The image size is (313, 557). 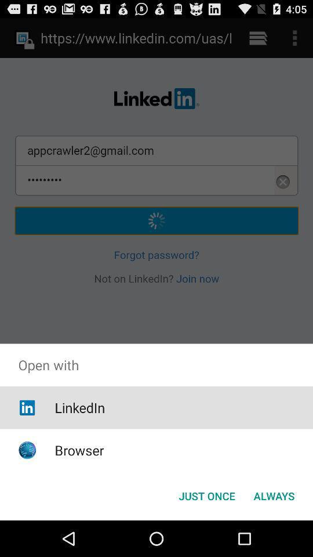 I want to click on always, so click(x=274, y=495).